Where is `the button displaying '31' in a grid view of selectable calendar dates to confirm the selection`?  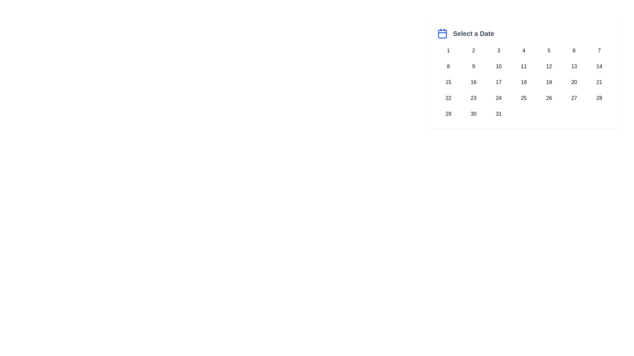 the button displaying '31' in a grid view of selectable calendar dates to confirm the selection is located at coordinates (499, 114).